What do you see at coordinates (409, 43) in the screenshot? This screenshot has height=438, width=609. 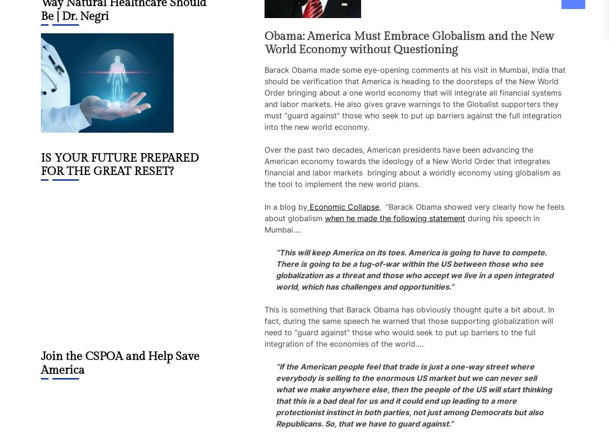 I see `'Obama: America Must Embrace Globalism and the New World Economy without Questioning'` at bounding box center [409, 43].